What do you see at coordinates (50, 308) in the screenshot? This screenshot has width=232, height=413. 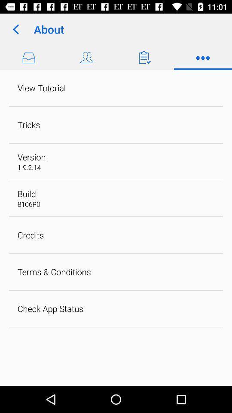 I see `the item at the bottom left corner` at bounding box center [50, 308].